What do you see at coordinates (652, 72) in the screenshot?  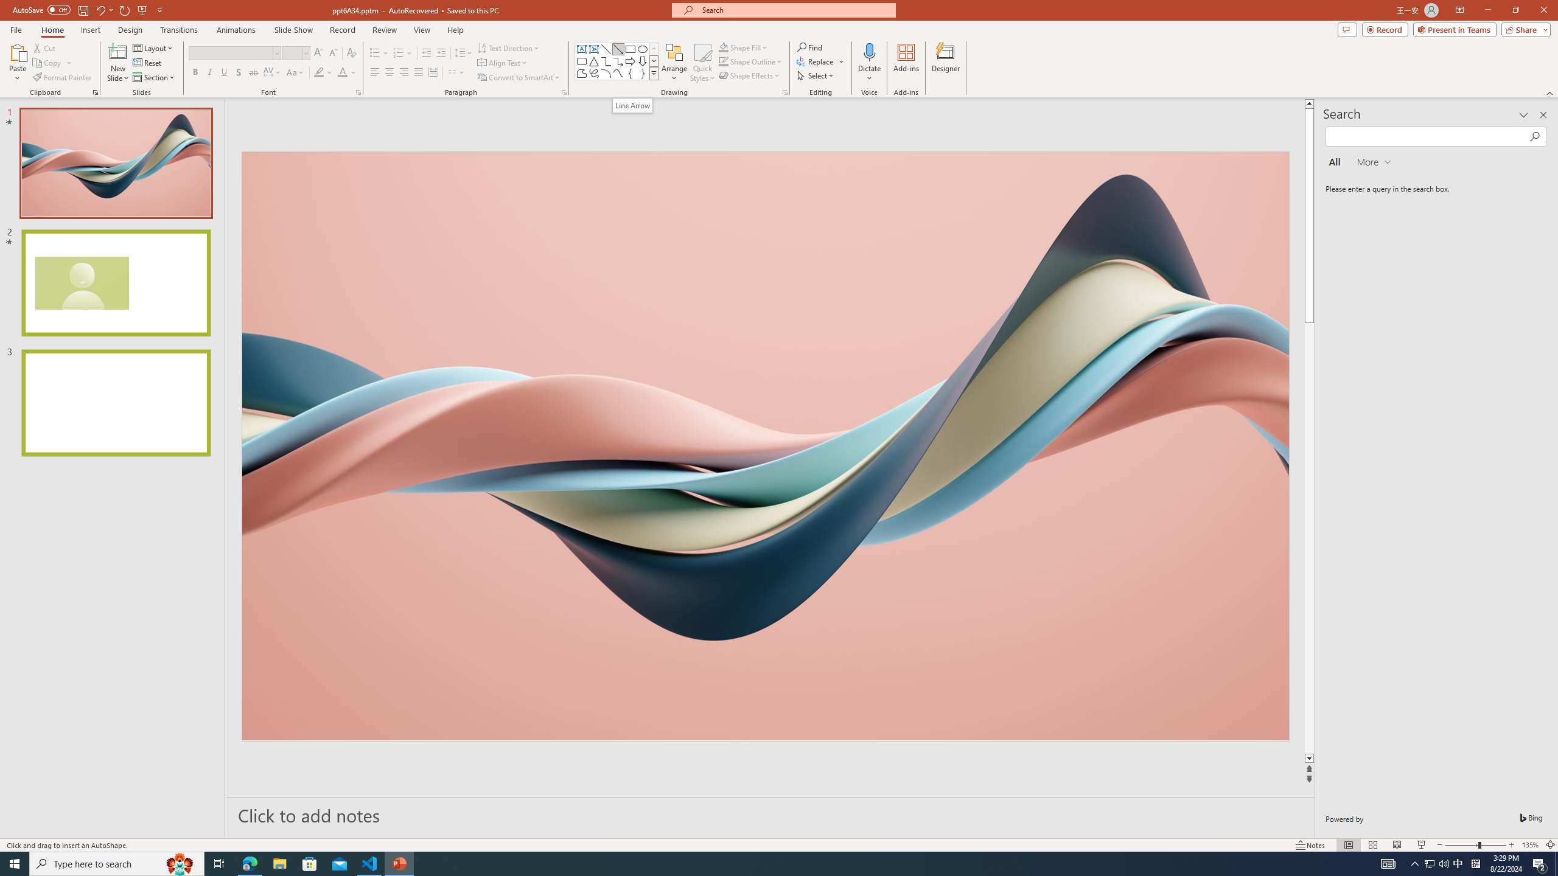 I see `'Class: NetUIImage'` at bounding box center [652, 72].